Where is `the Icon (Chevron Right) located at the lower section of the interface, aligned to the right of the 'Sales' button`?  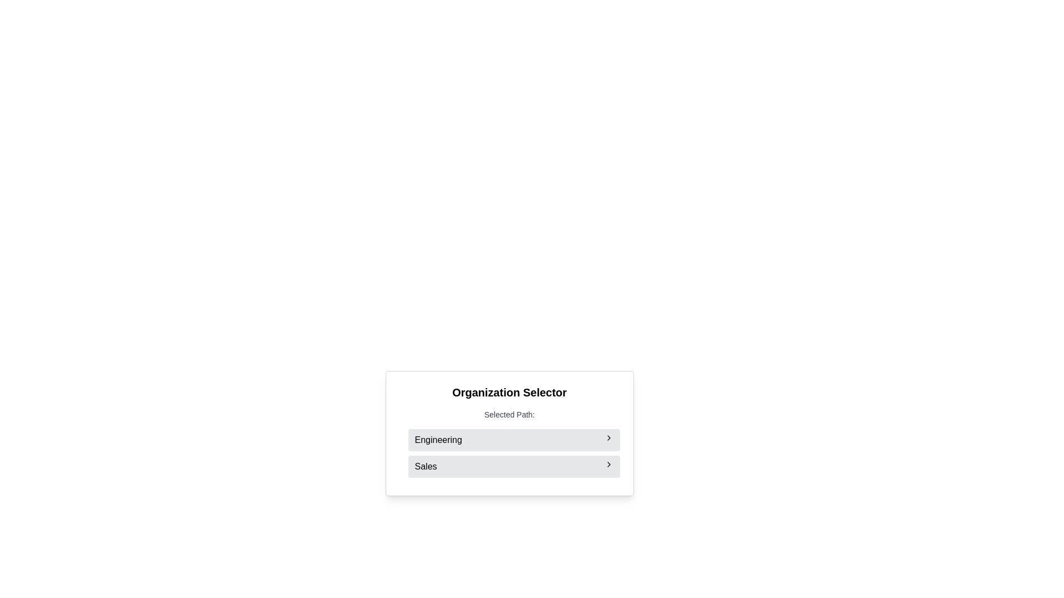 the Icon (Chevron Right) located at the lower section of the interface, aligned to the right of the 'Sales' button is located at coordinates (608, 465).